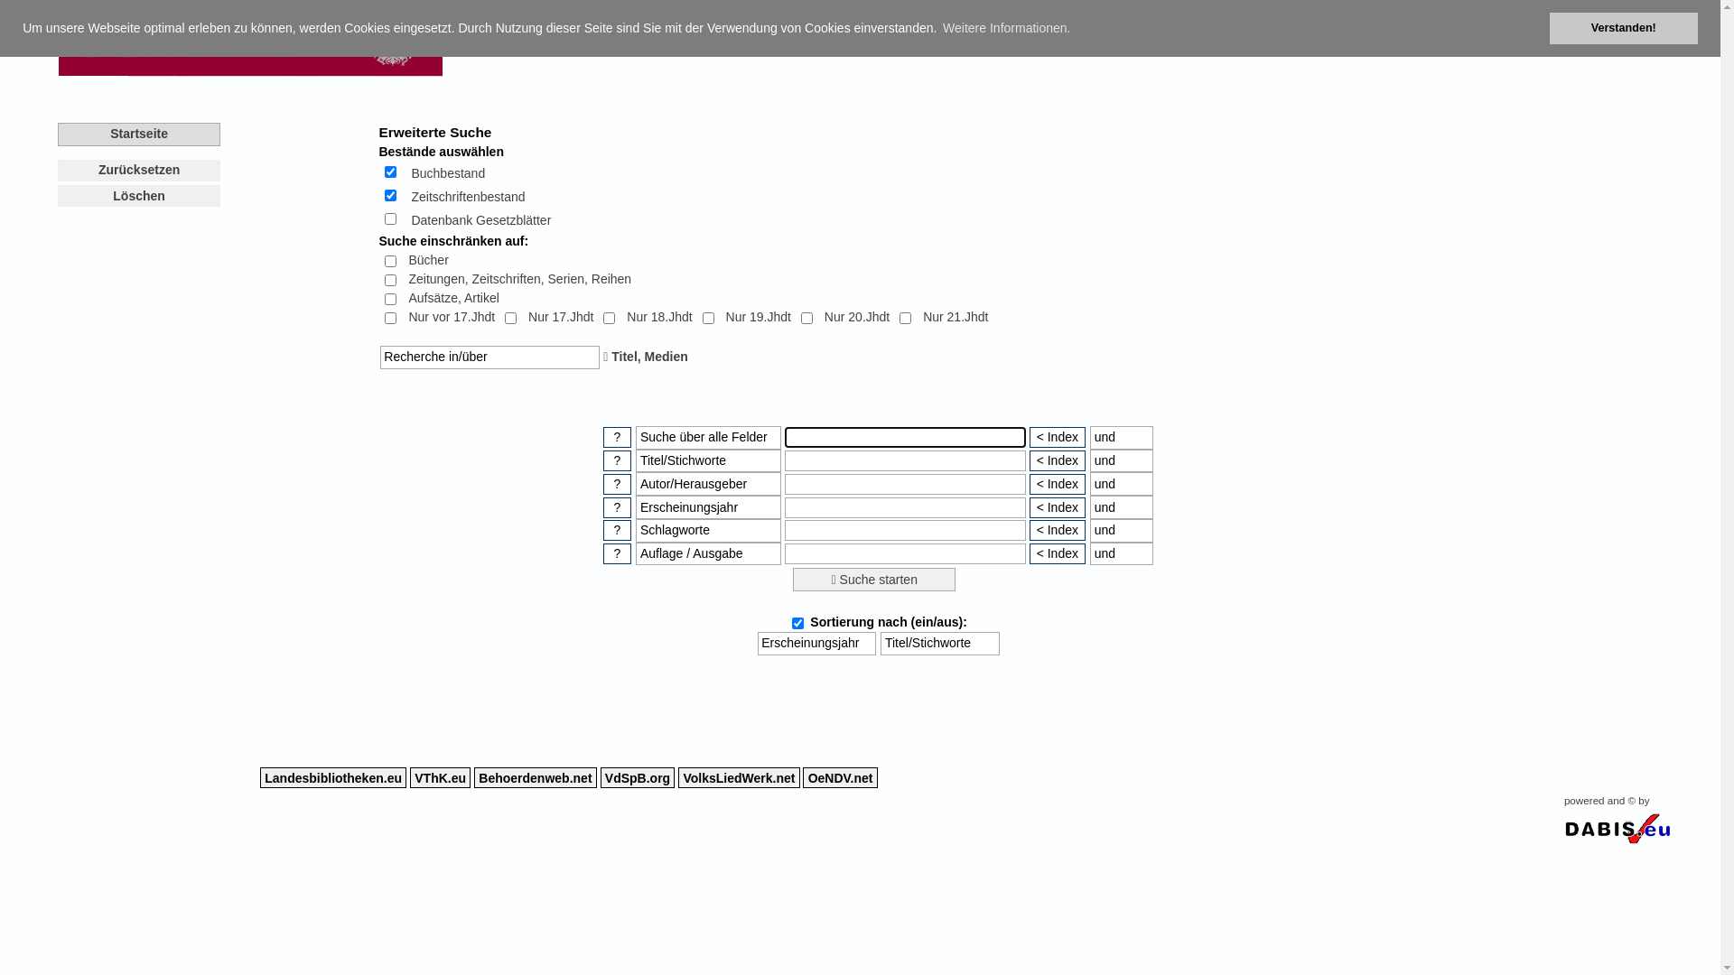 The image size is (1734, 975). I want to click on 'Weitere Informationen.', so click(1005, 28).